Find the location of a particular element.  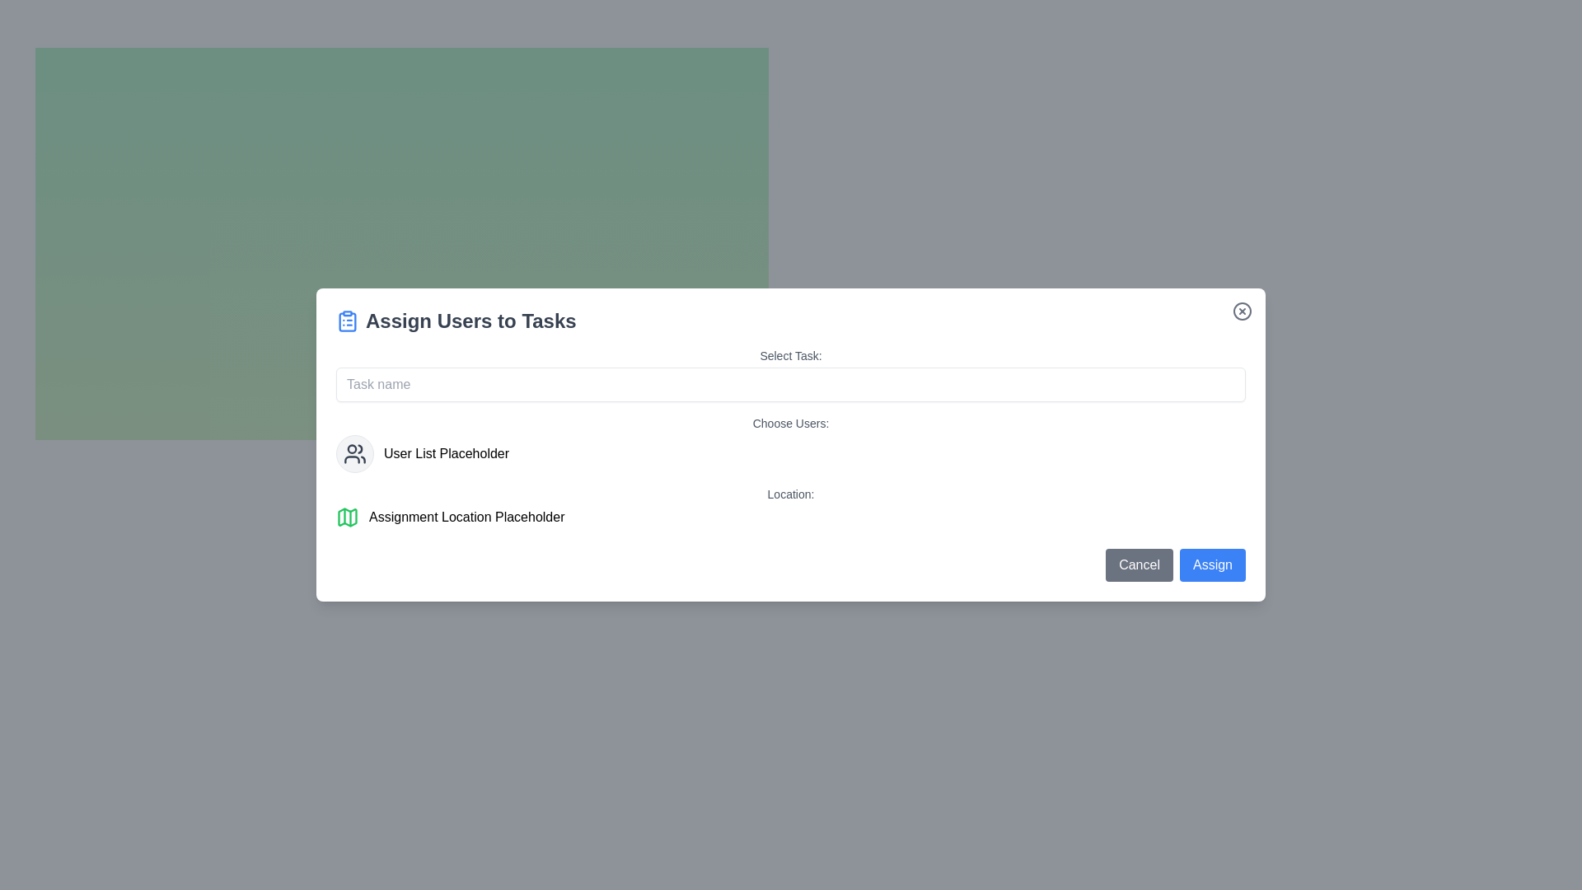

the cancel button located at the bottom-right corner of the modal window is located at coordinates (1138, 564).